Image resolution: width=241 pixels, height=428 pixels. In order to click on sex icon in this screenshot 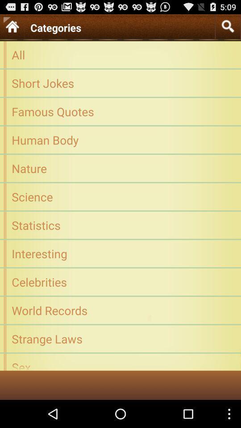, I will do `click(120, 365)`.